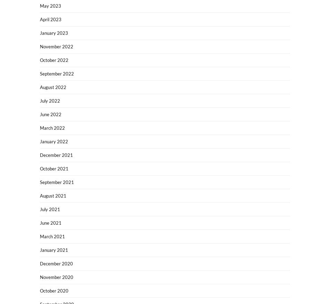  What do you see at coordinates (54, 250) in the screenshot?
I see `'January 2021'` at bounding box center [54, 250].